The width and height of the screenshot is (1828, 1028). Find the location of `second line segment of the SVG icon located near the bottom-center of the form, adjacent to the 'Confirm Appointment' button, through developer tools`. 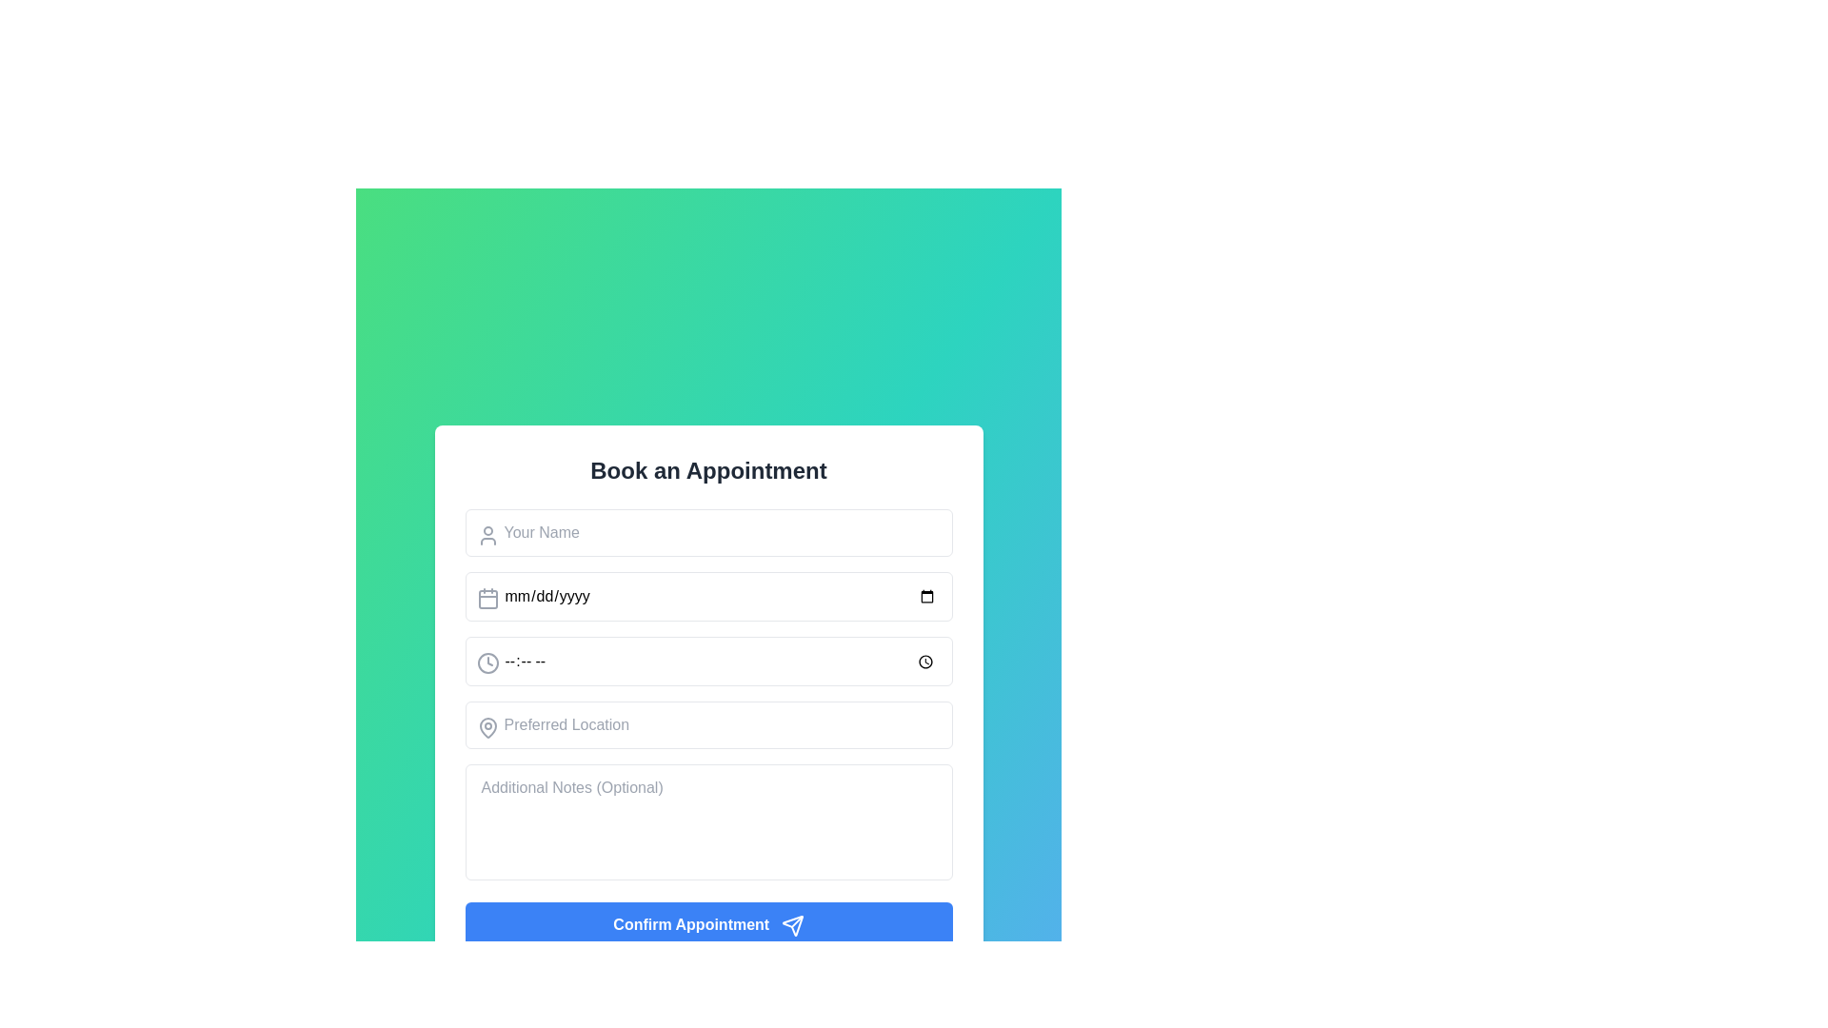

second line segment of the SVG icon located near the bottom-center of the form, adjacent to the 'Confirm Appointment' button, through developer tools is located at coordinates (796, 920).